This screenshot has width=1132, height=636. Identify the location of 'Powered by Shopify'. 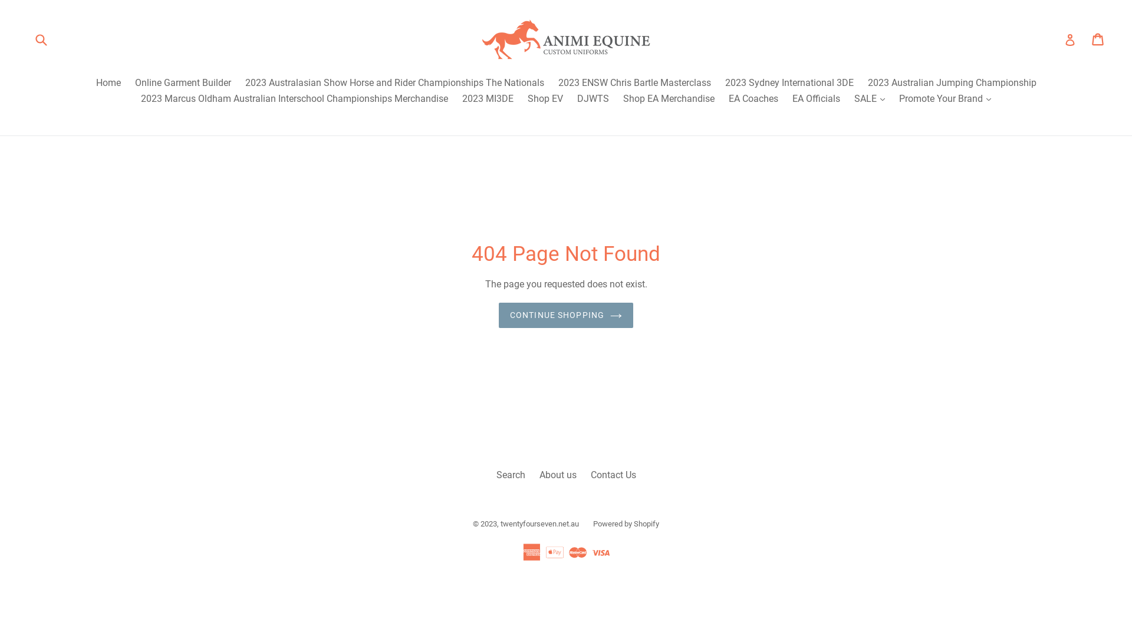
(625, 523).